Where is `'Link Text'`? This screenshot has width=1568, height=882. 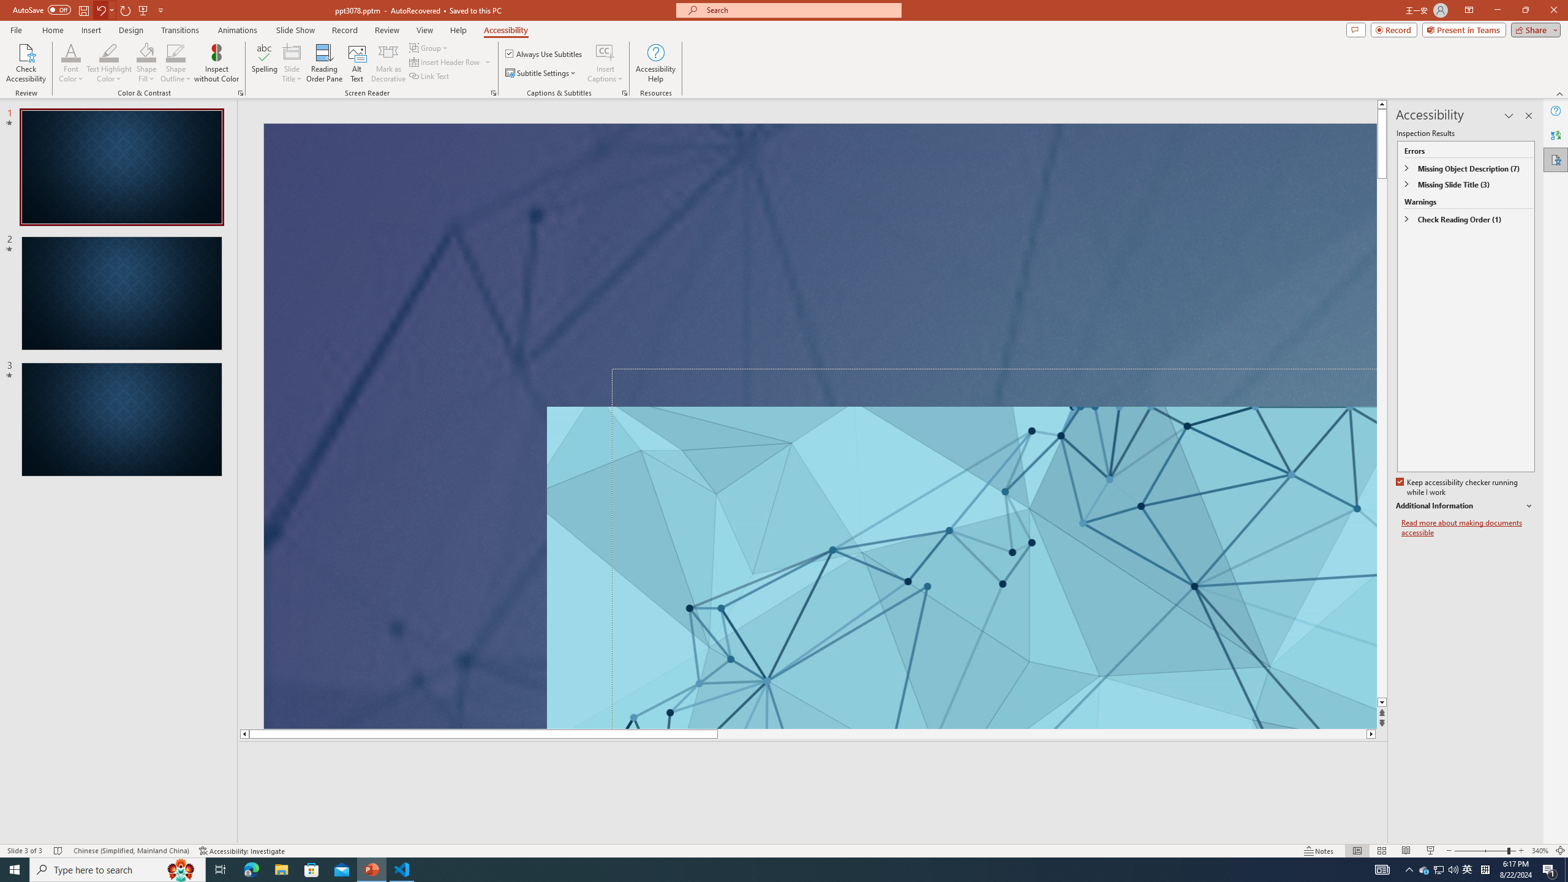
'Link Text' is located at coordinates (429, 75).